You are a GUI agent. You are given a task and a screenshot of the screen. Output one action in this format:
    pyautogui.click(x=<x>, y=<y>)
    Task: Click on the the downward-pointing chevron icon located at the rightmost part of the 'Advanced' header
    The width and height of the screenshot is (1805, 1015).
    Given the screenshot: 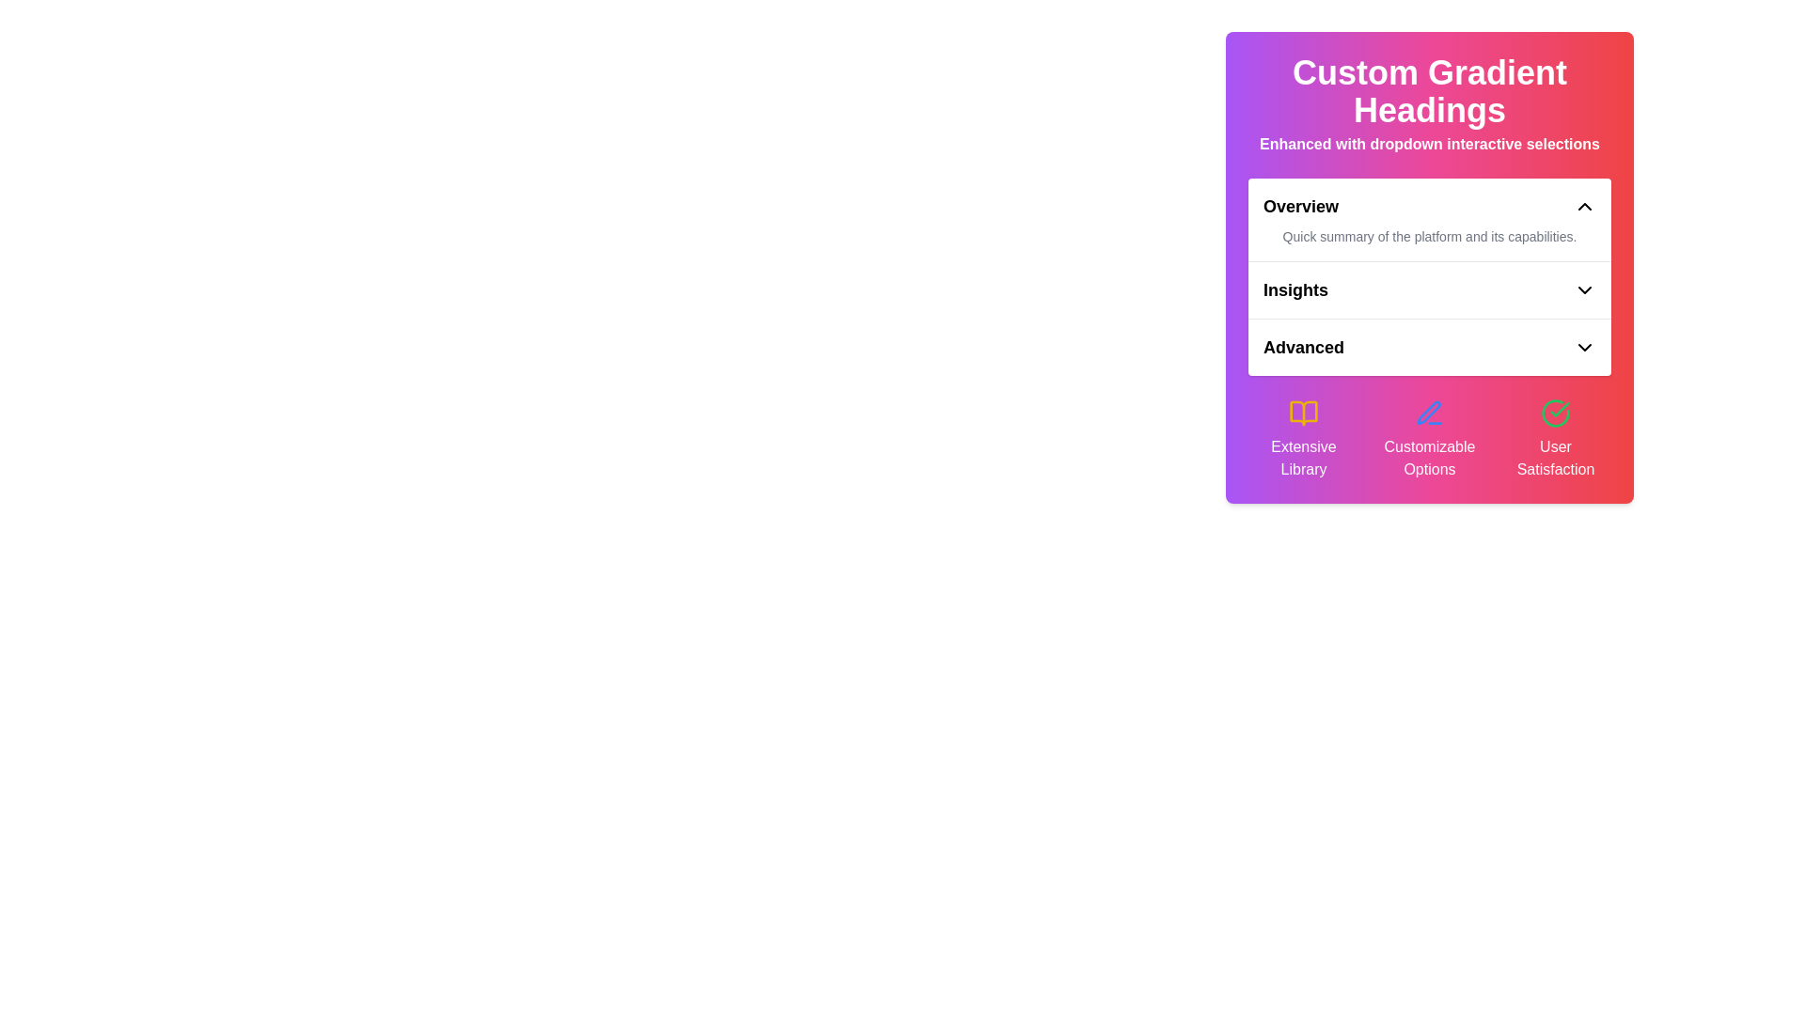 What is the action you would take?
    pyautogui.click(x=1583, y=348)
    